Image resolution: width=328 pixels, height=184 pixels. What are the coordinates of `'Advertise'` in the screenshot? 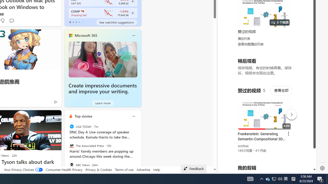 It's located at (143, 169).